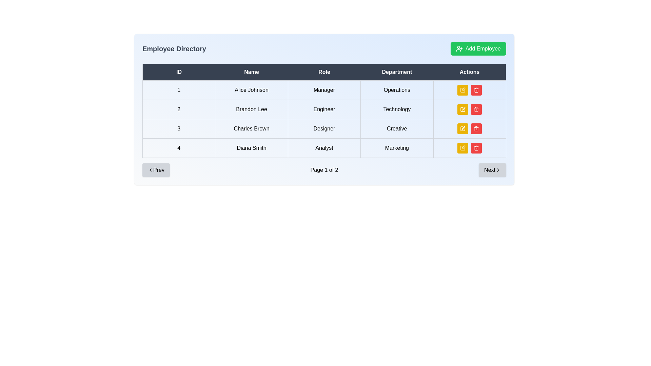  What do you see at coordinates (462, 147) in the screenshot?
I see `the square-shaped pencil icon button with a yellow background and white border located in the last row of the 'Actions' column, adjacent to the red trash bin icon` at bounding box center [462, 147].